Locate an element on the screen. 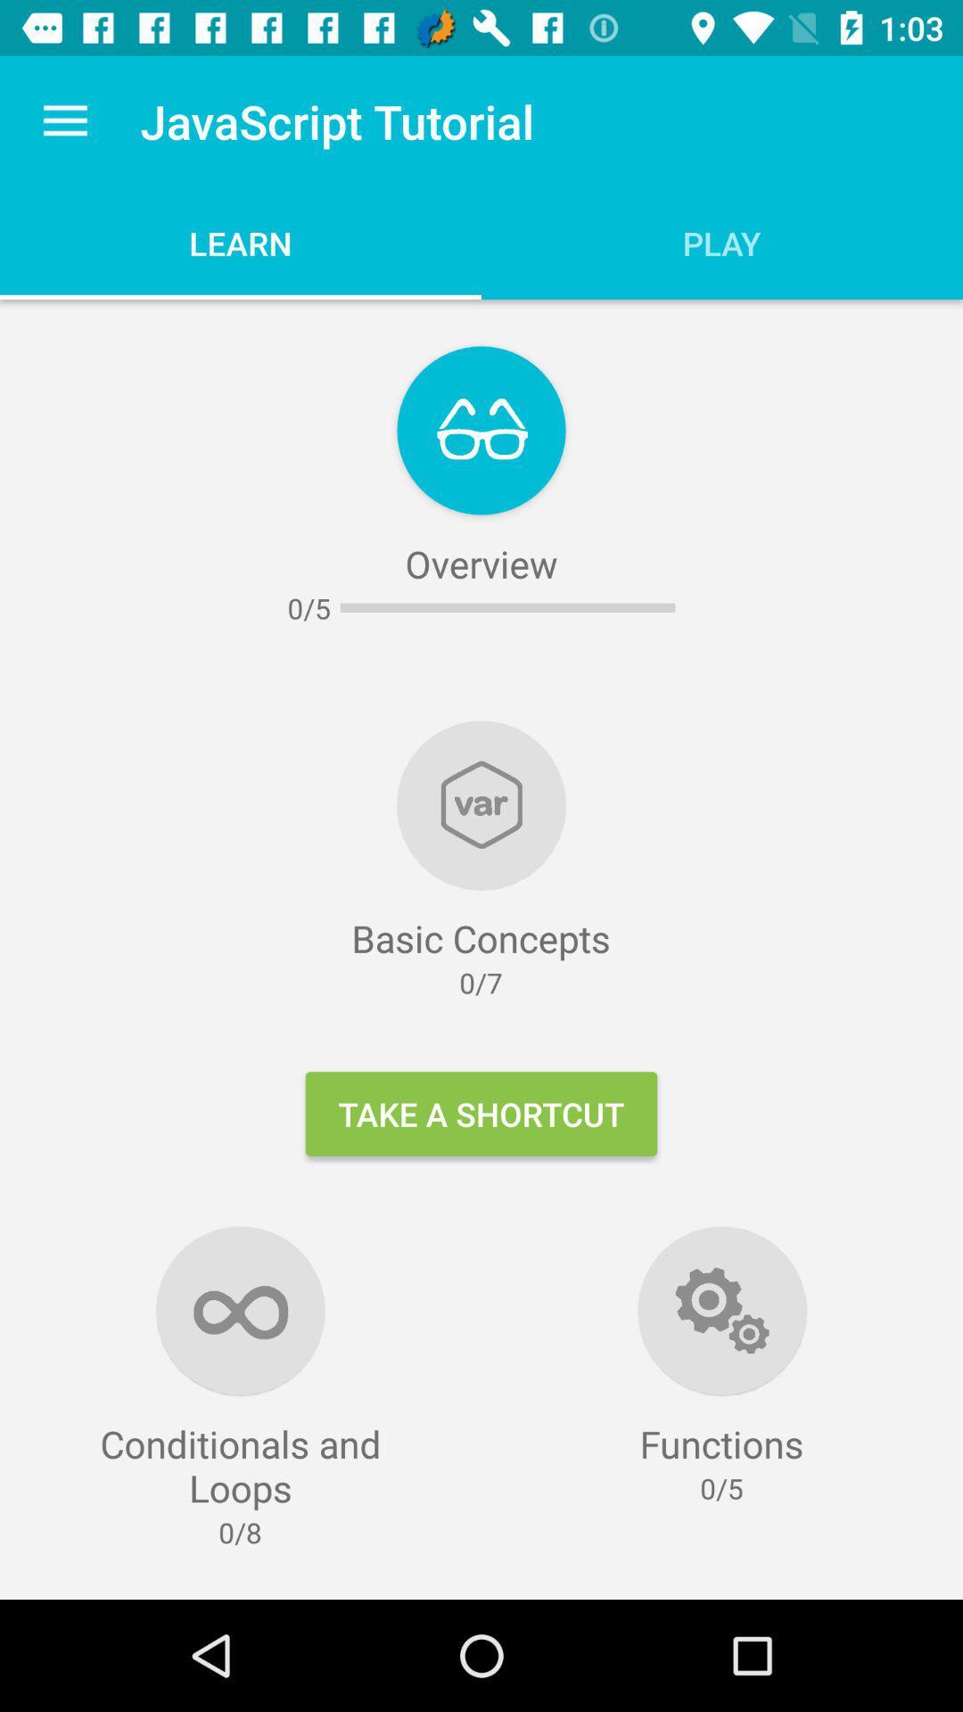 The image size is (963, 1712). take a shortcut item is located at coordinates (481, 1113).